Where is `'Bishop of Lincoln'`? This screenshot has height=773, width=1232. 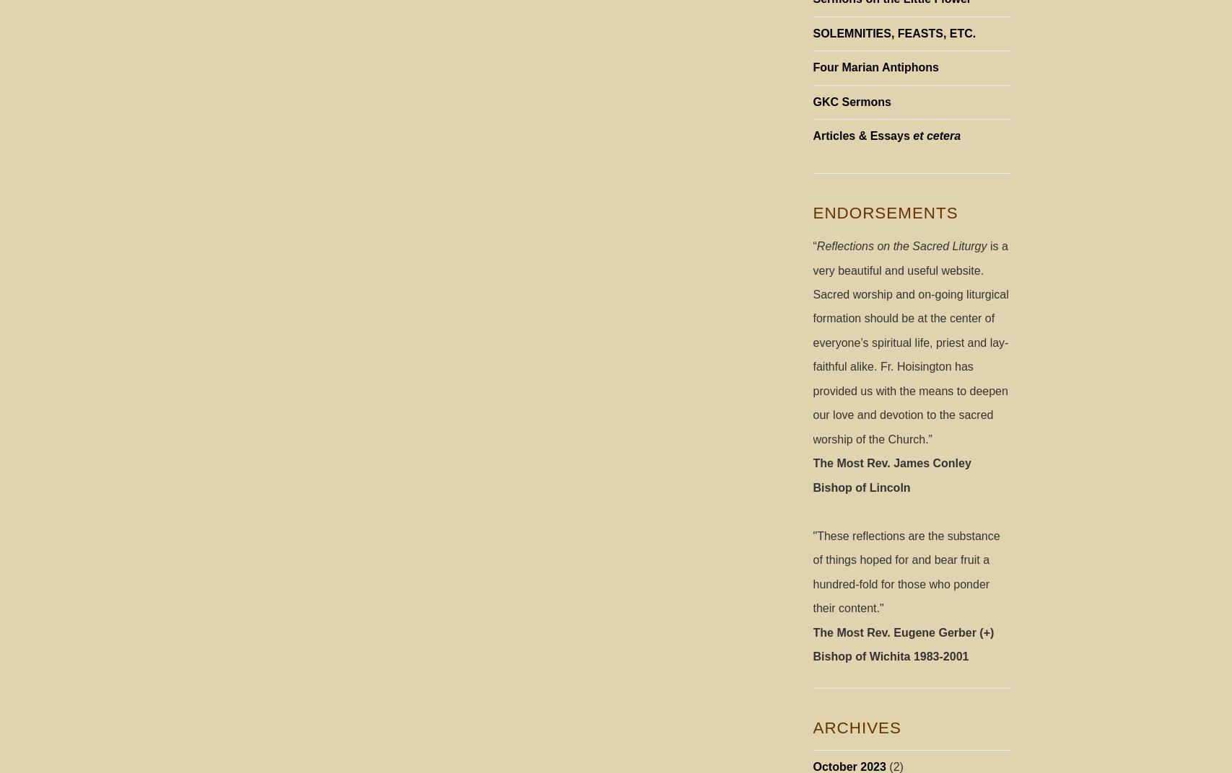 'Bishop of Lincoln' is located at coordinates (860, 486).